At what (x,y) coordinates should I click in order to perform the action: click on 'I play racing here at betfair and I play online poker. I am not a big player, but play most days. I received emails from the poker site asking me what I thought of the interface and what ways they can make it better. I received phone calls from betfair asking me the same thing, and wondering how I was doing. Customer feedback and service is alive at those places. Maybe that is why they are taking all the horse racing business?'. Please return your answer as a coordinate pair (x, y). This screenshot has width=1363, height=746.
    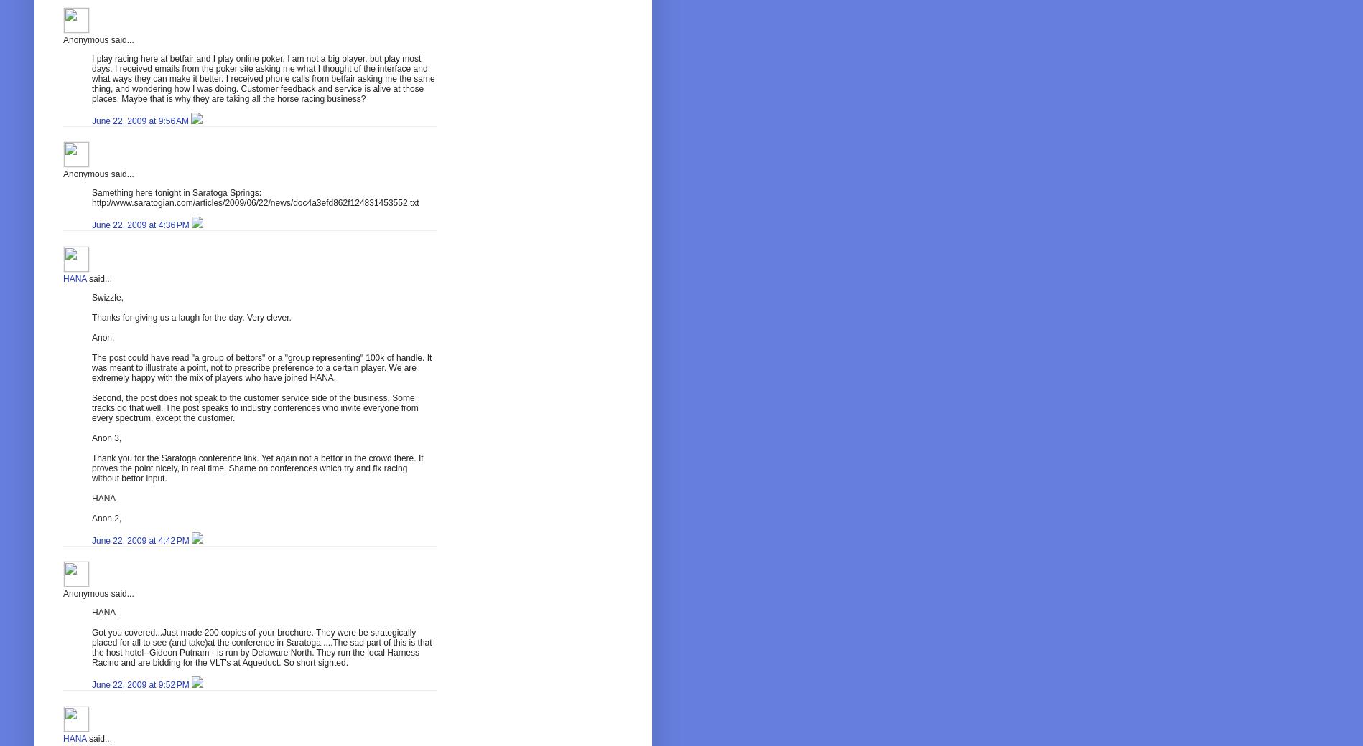
    Looking at the image, I should click on (263, 77).